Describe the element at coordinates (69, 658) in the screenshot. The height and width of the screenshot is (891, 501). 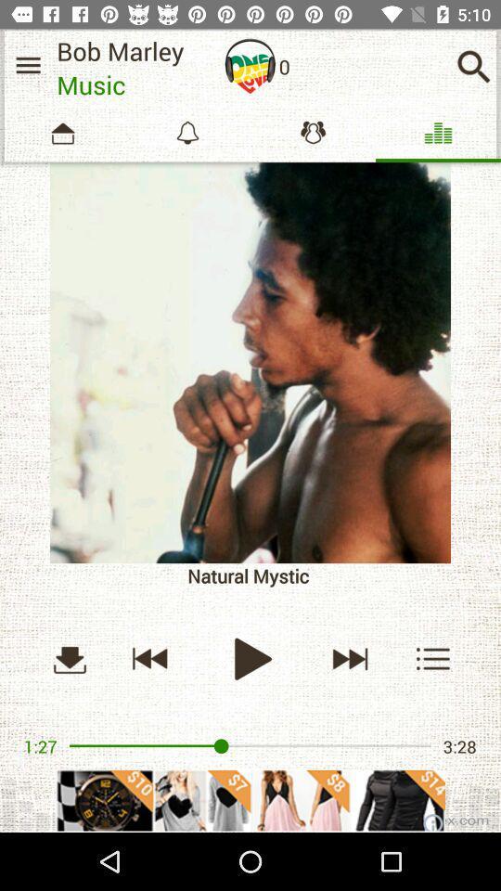
I see `download` at that location.